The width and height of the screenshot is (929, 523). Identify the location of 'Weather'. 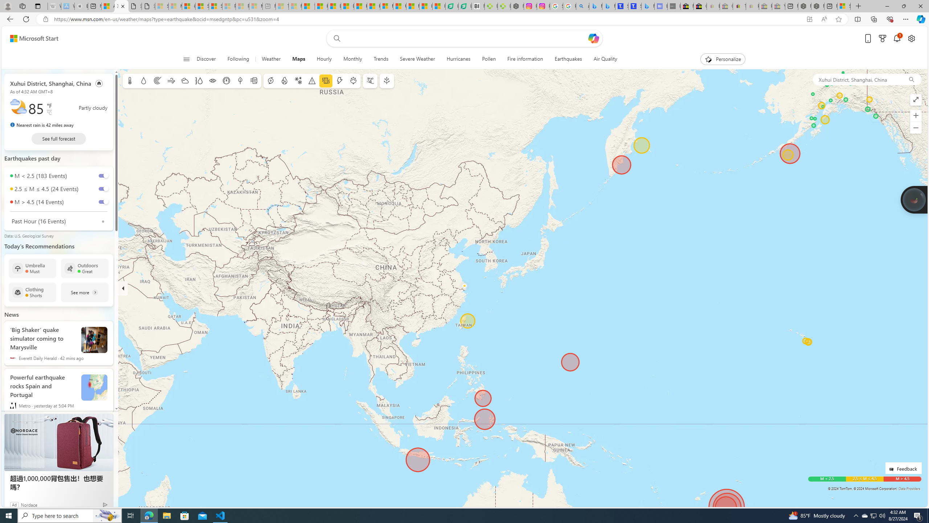
(271, 59).